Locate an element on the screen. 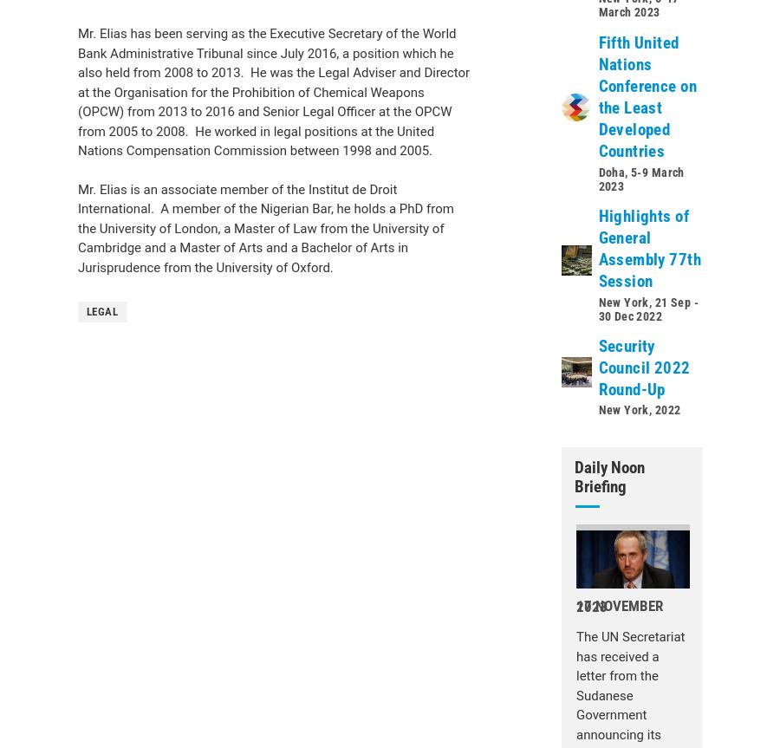 This screenshot has height=748, width=780. 'Quick Links' is located at coordinates (107, 168).